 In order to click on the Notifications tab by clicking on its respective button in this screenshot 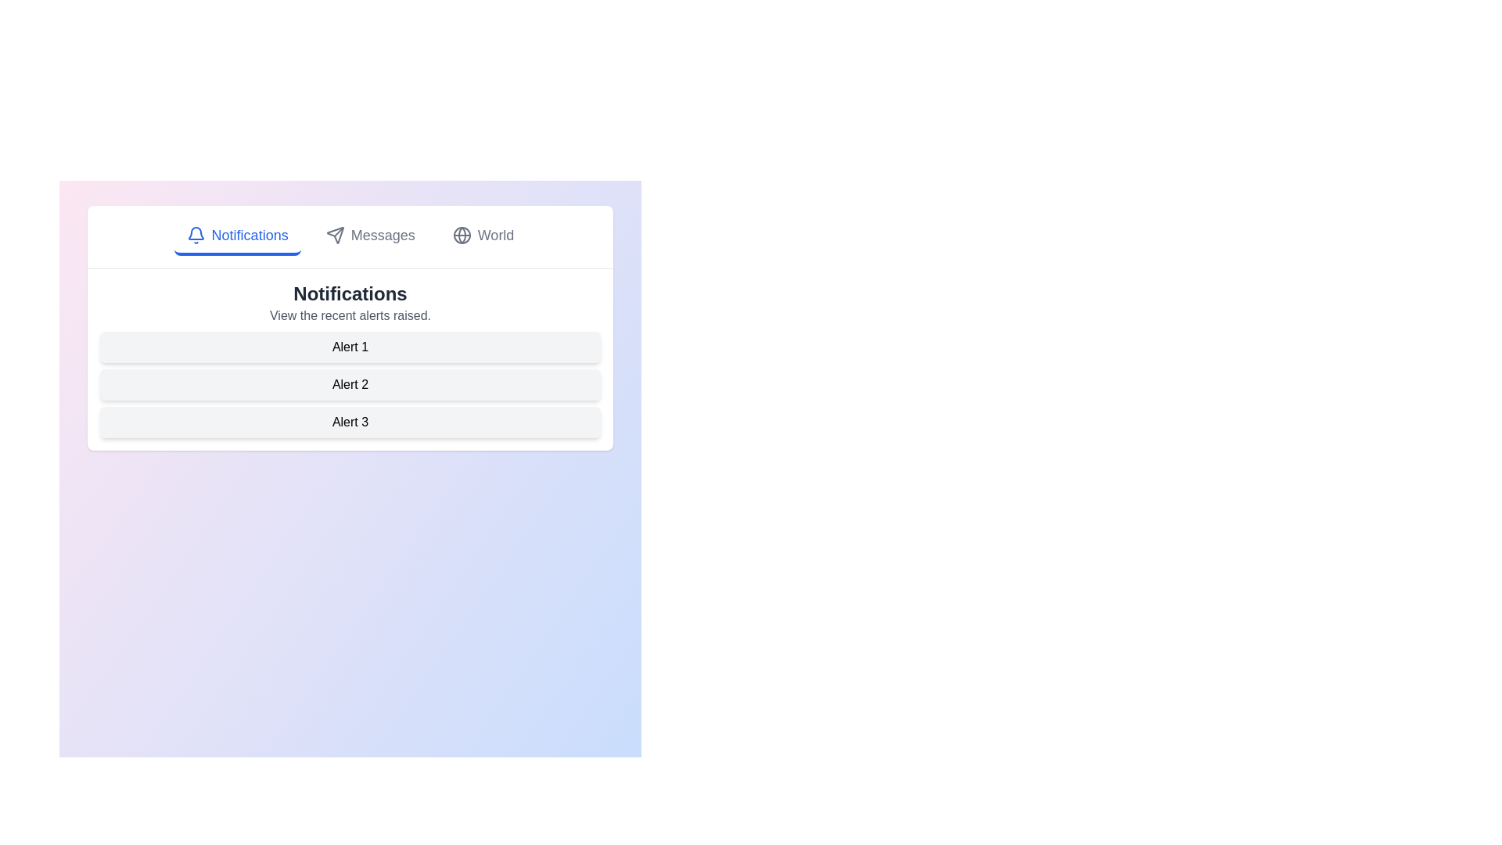, I will do `click(236, 237)`.